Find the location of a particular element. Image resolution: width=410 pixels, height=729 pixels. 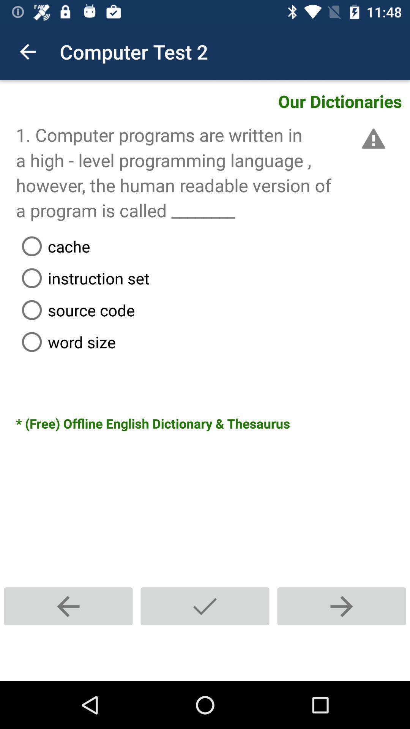

instruction set is located at coordinates (213, 278).